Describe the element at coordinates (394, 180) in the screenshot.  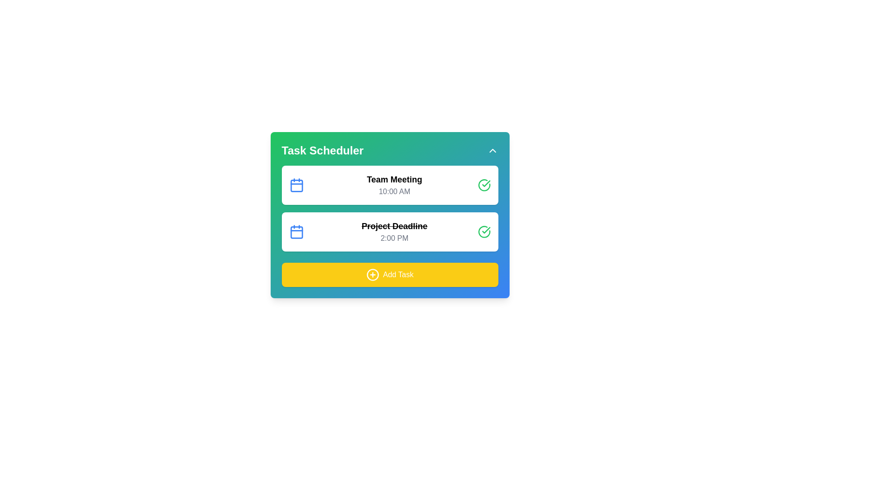
I see `the text label at the top of the task card that indicates the name of the scheduled task or meeting` at that location.